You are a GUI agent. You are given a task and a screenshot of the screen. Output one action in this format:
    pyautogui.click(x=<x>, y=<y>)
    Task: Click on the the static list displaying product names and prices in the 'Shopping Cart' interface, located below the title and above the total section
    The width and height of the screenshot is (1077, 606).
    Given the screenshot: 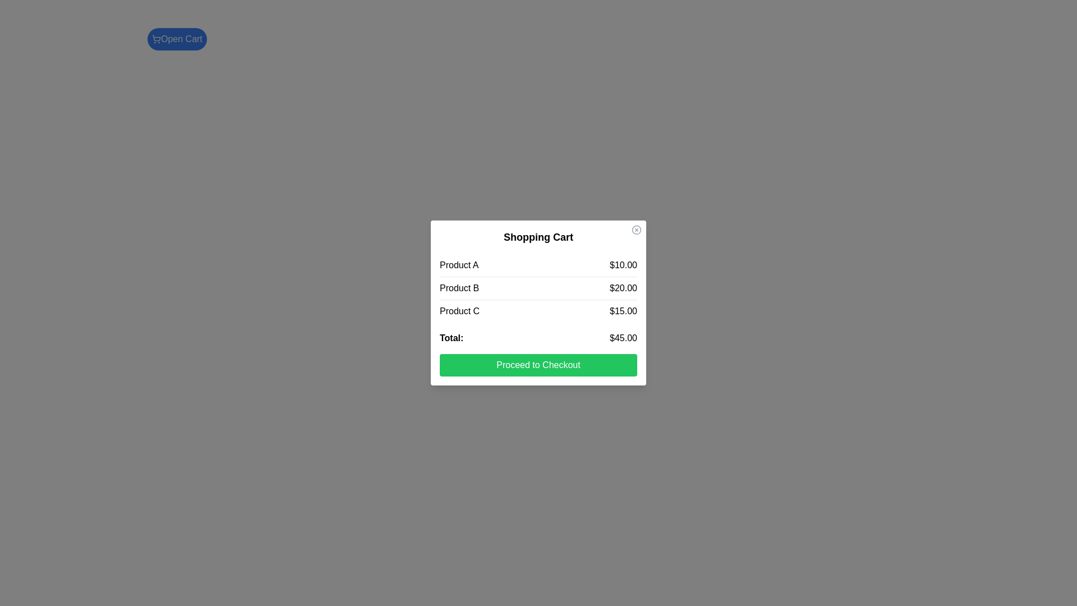 What is the action you would take?
    pyautogui.click(x=538, y=287)
    